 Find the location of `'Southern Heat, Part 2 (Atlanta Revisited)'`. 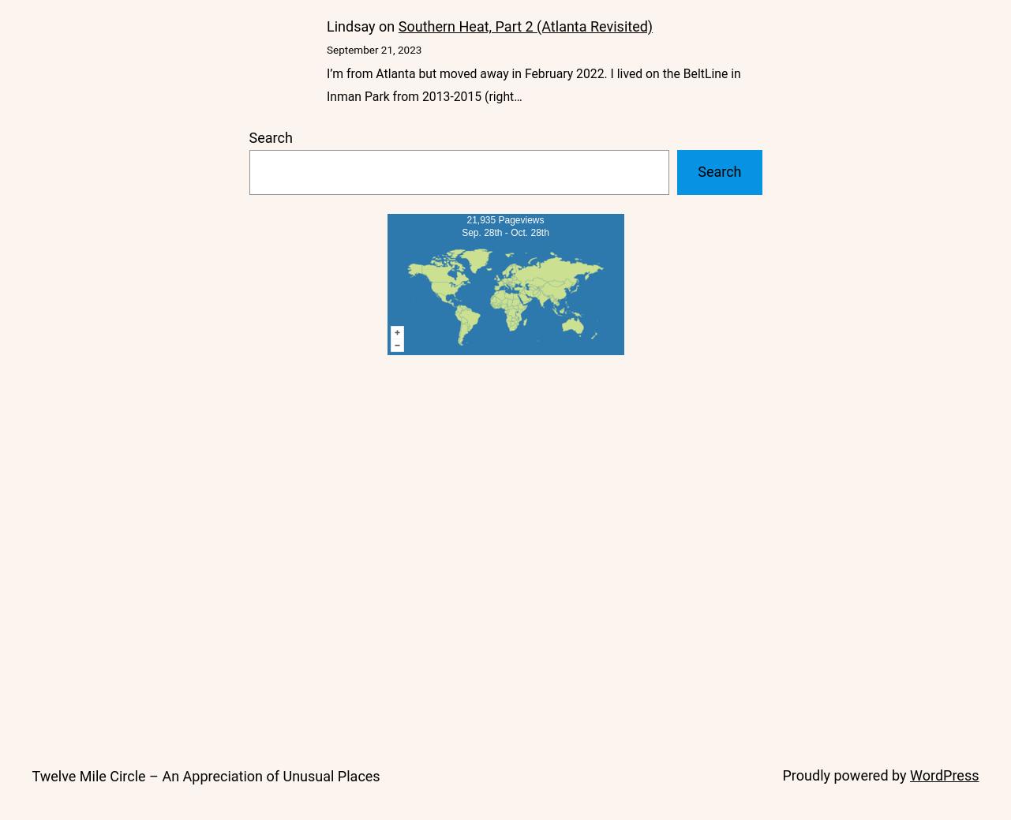

'Southern Heat, Part 2 (Atlanta Revisited)' is located at coordinates (524, 25).